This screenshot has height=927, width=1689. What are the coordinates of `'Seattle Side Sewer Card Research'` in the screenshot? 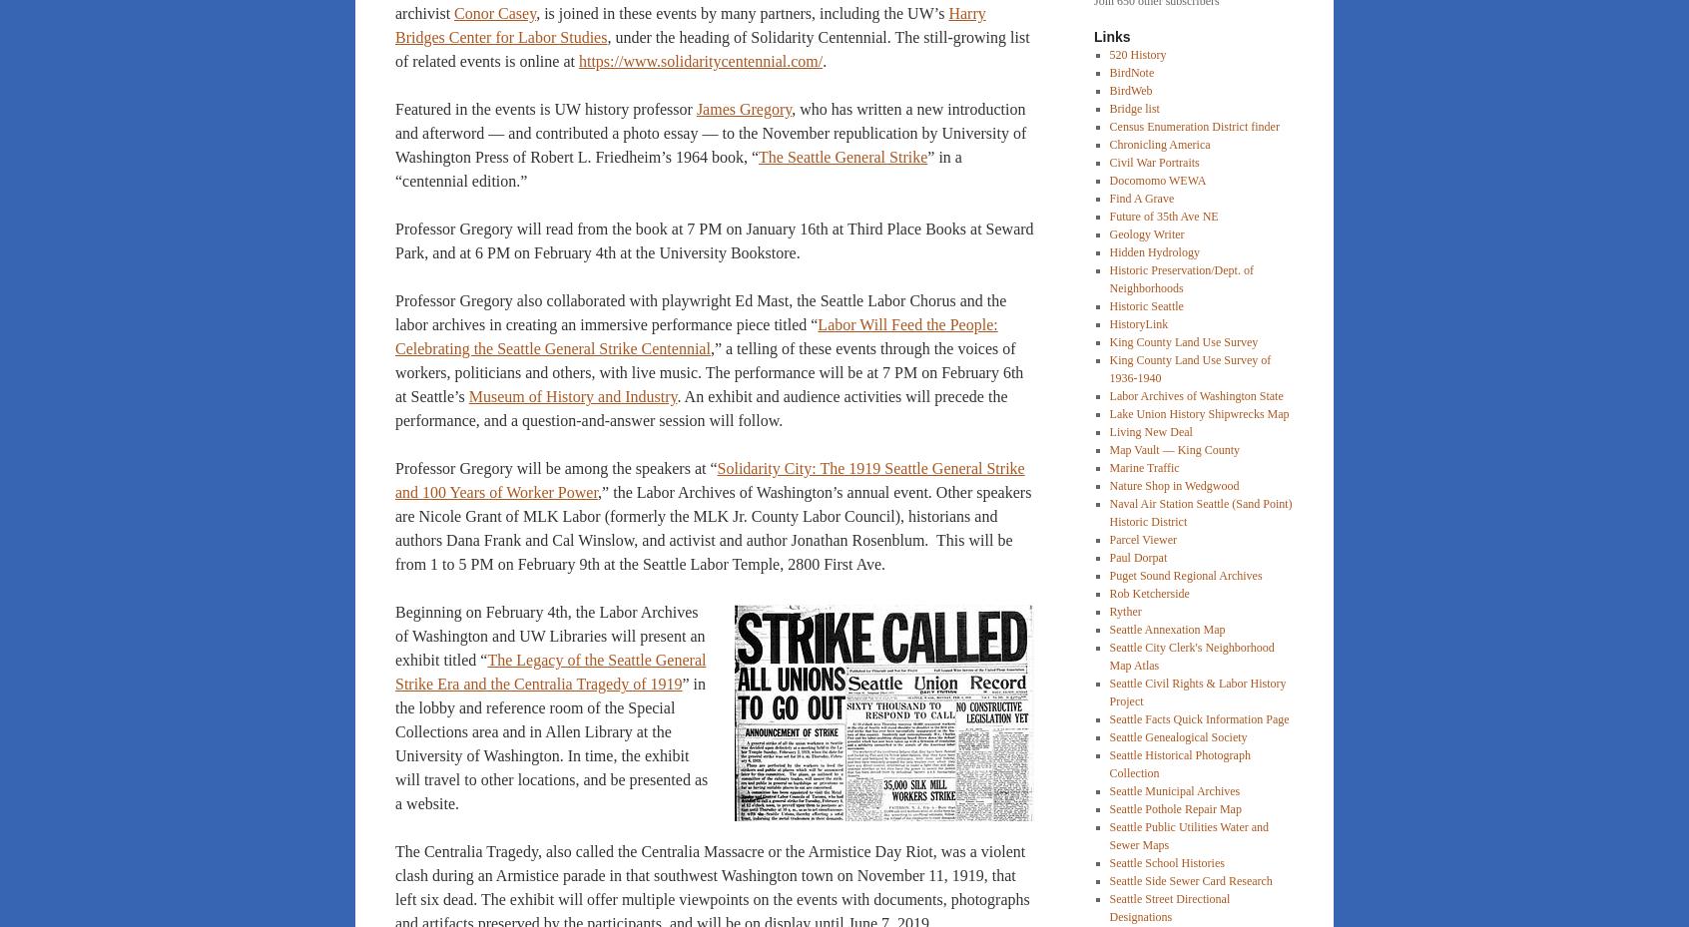 It's located at (1189, 881).